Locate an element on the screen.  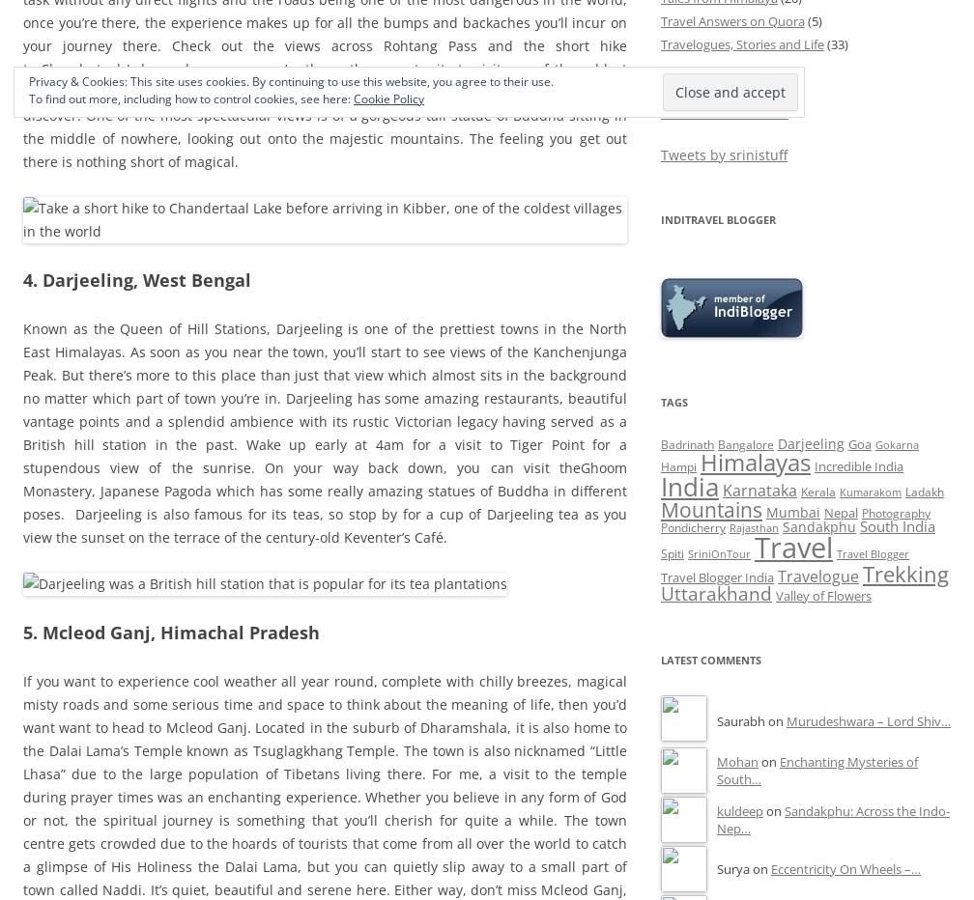
'Nepal' is located at coordinates (841, 512).